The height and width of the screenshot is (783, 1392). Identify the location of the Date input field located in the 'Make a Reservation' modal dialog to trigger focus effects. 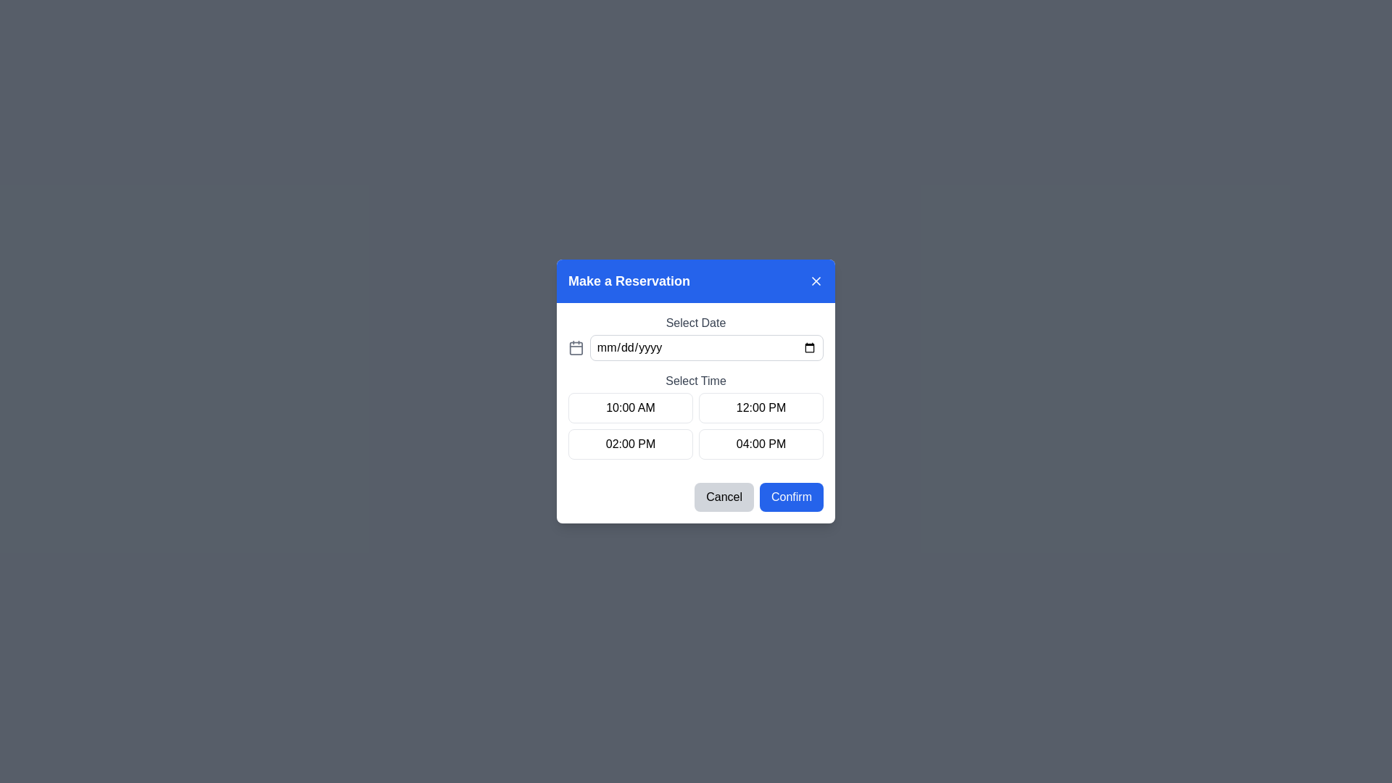
(696, 338).